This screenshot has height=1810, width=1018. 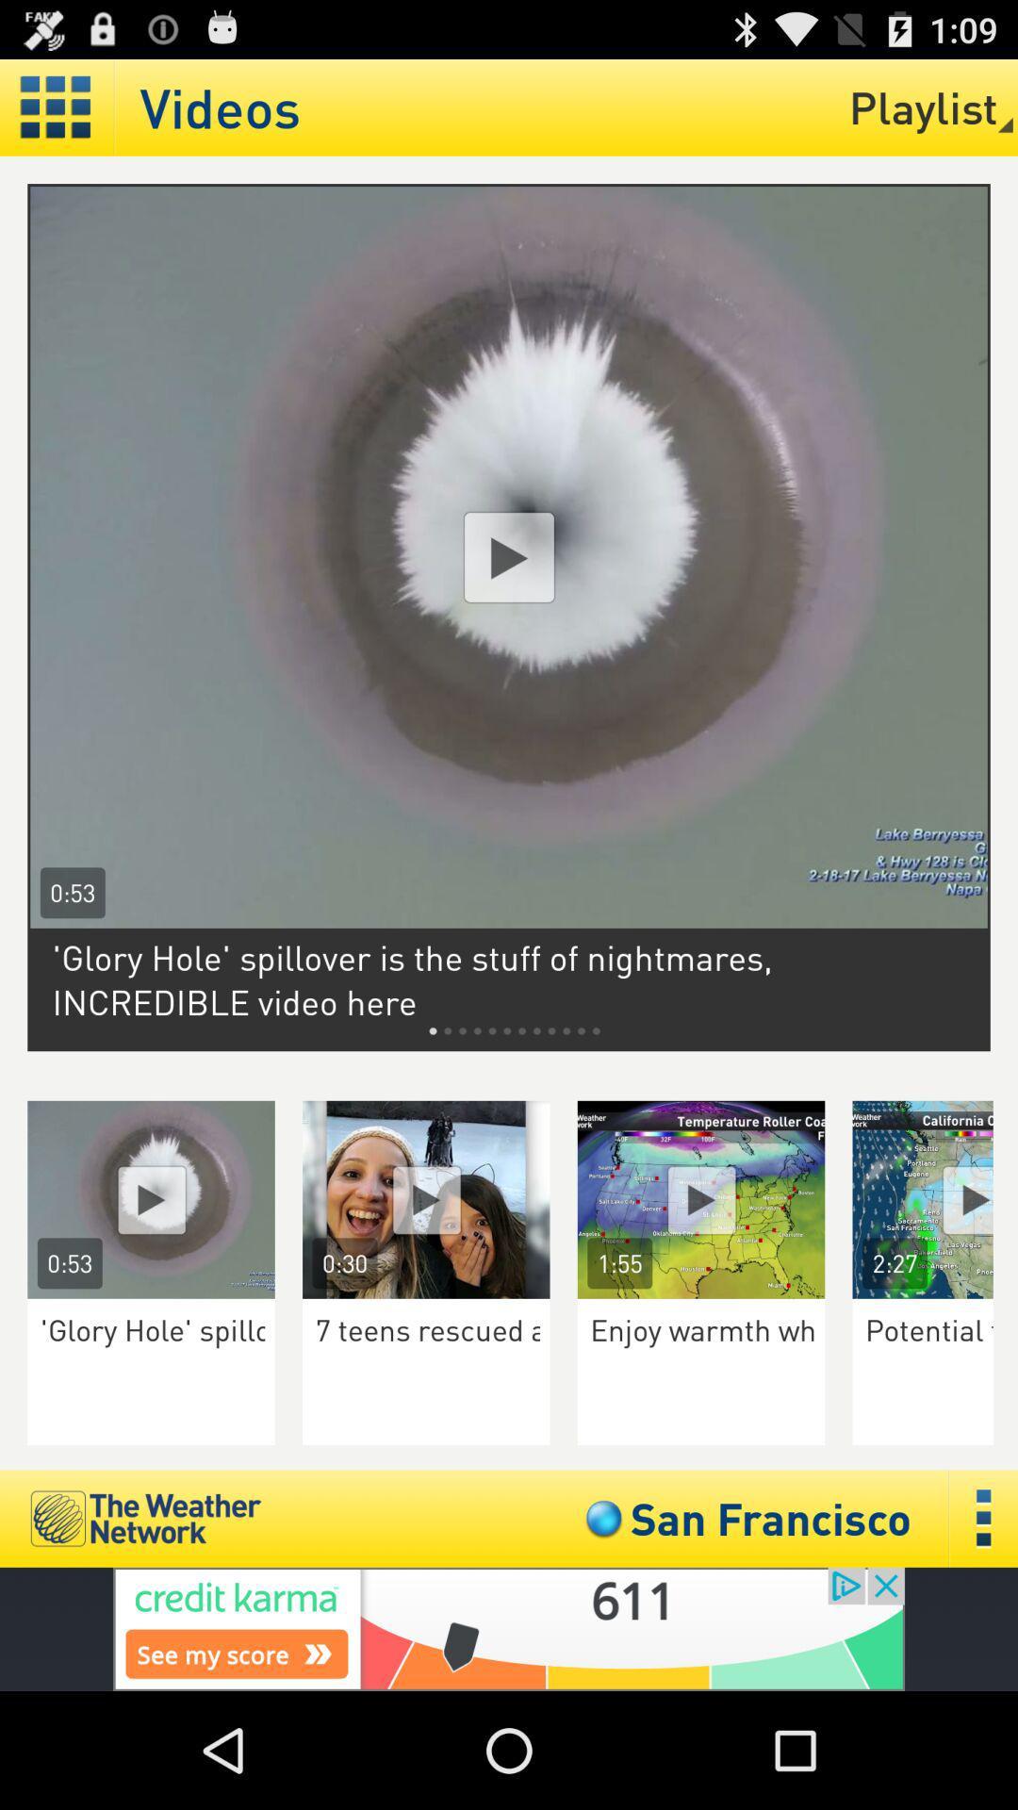 What do you see at coordinates (935, 1198) in the screenshot?
I see `selecting the potential video` at bounding box center [935, 1198].